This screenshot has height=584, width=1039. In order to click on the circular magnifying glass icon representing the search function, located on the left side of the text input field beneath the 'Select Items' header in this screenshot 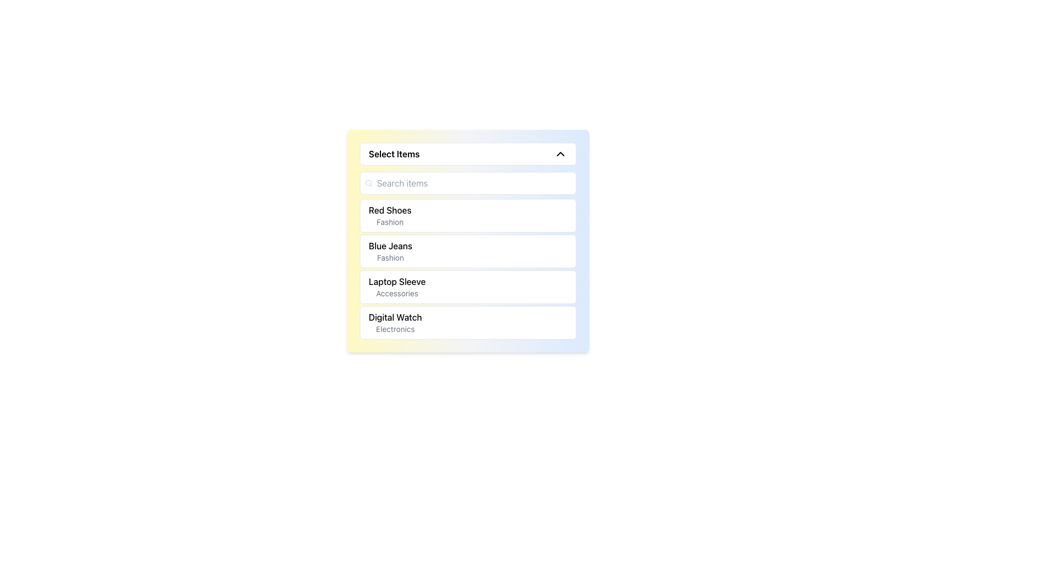, I will do `click(369, 183)`.